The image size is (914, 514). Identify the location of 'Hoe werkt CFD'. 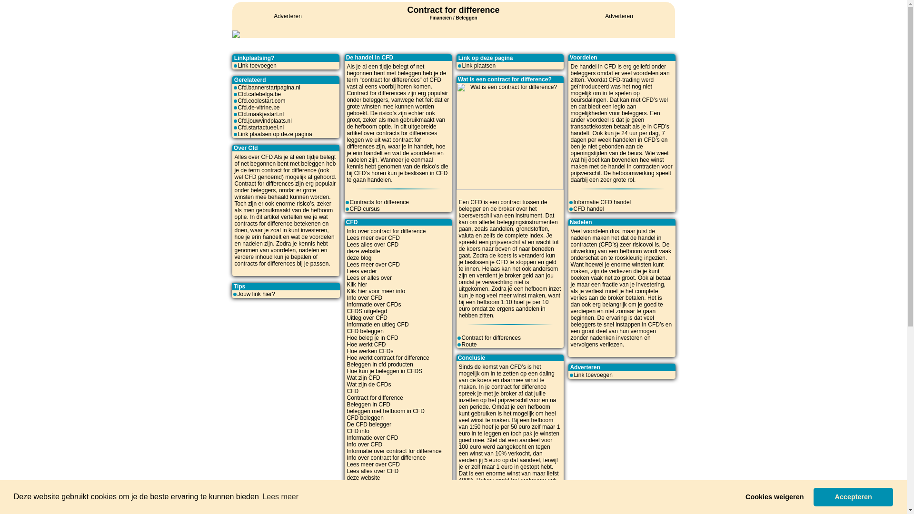
(365, 345).